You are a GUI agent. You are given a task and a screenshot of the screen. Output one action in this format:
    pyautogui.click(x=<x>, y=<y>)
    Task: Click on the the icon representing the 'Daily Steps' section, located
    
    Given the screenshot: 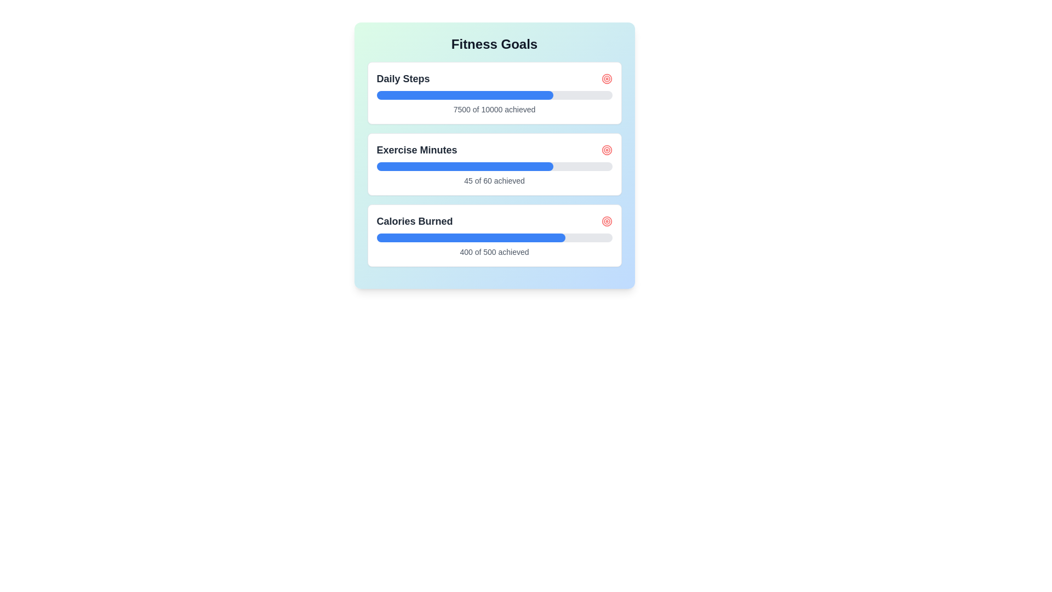 What is the action you would take?
    pyautogui.click(x=606, y=78)
    